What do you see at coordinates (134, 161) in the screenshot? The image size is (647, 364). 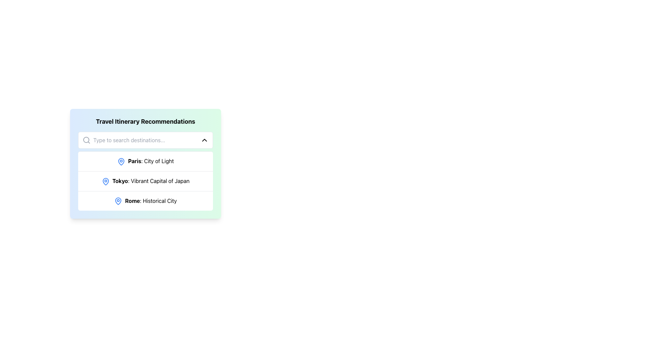 I see `text label that says 'Paris', which is styled in bold black font and is part of the 'City of Light' phrase, located in the Travel Itinerary Recommendations section` at bounding box center [134, 161].